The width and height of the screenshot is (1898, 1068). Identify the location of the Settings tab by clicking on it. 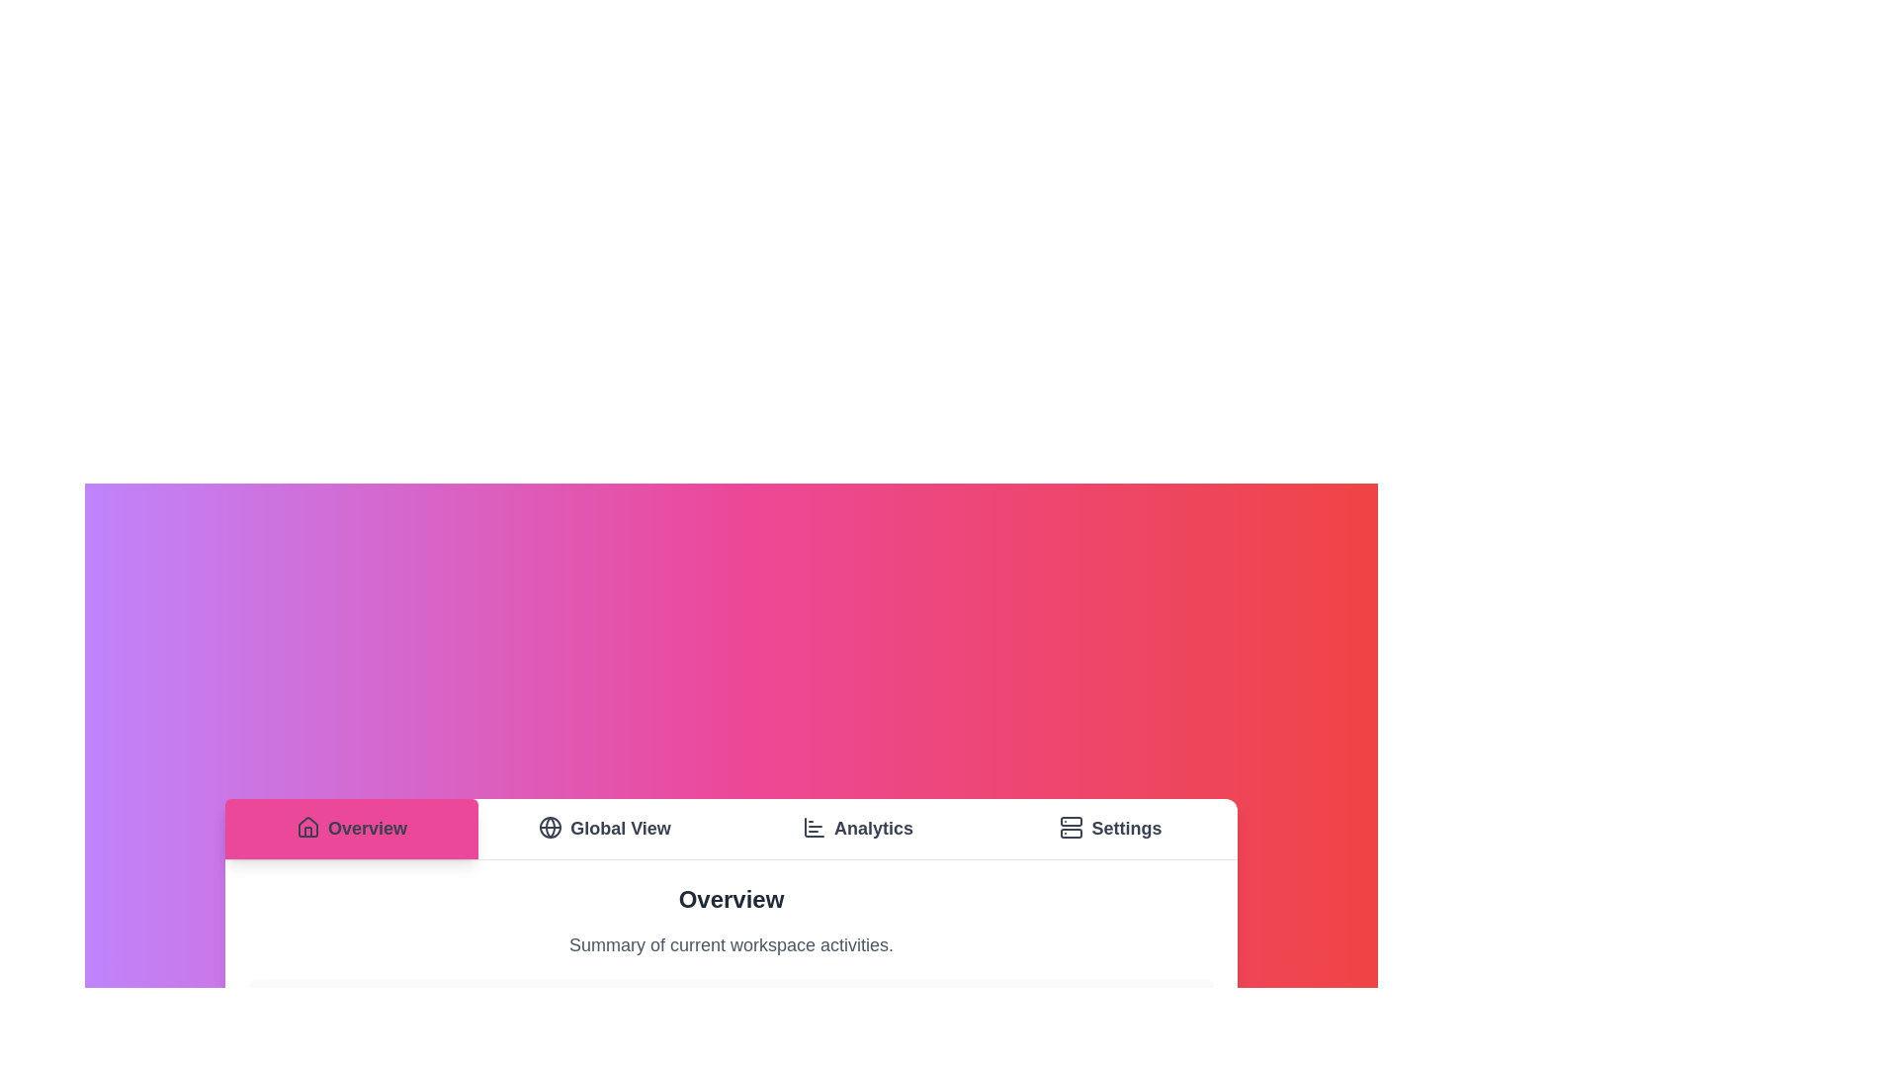
(1110, 829).